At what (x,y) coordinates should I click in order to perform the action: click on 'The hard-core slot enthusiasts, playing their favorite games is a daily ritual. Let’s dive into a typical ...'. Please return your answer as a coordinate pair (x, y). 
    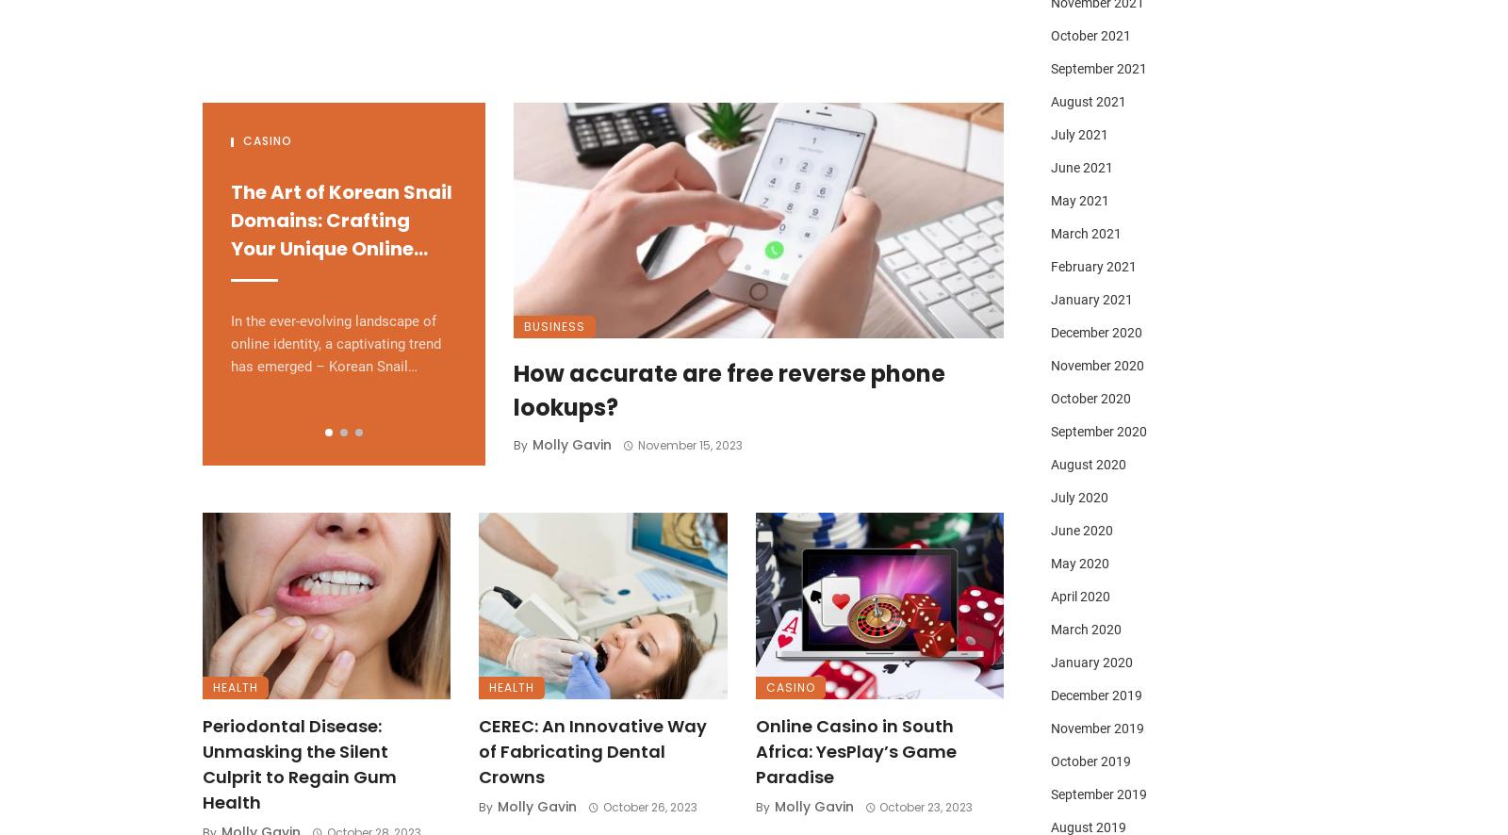
    Looking at the image, I should click on (621, 354).